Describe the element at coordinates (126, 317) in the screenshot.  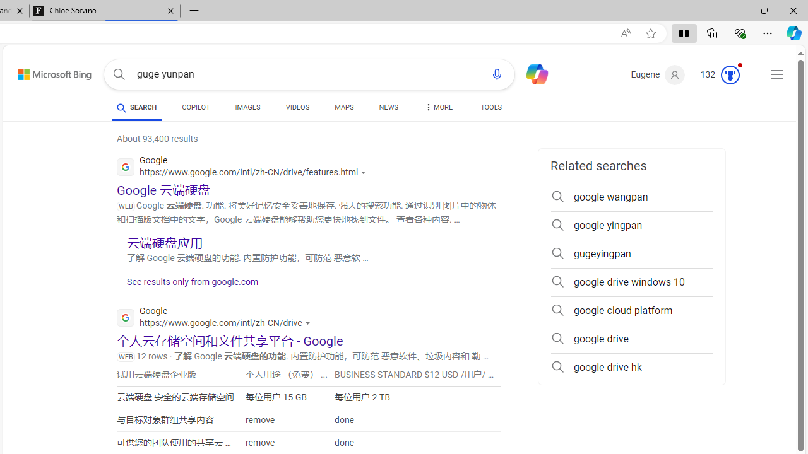
I see `'Global web icon'` at that location.